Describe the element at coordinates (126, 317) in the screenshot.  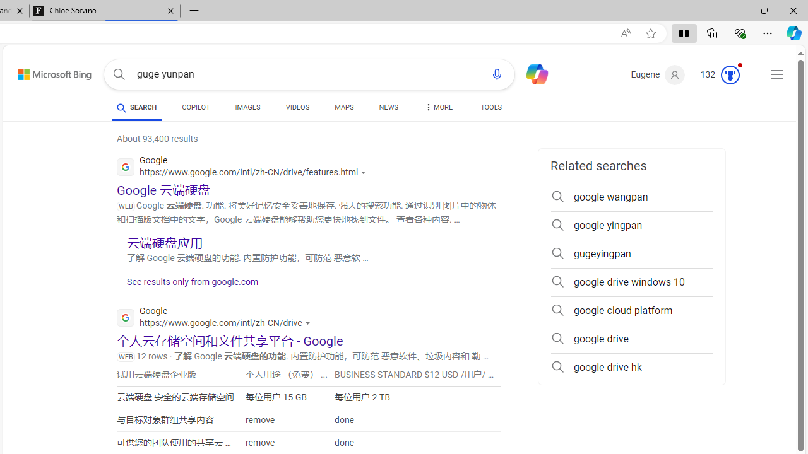
I see `'Global web icon'` at that location.